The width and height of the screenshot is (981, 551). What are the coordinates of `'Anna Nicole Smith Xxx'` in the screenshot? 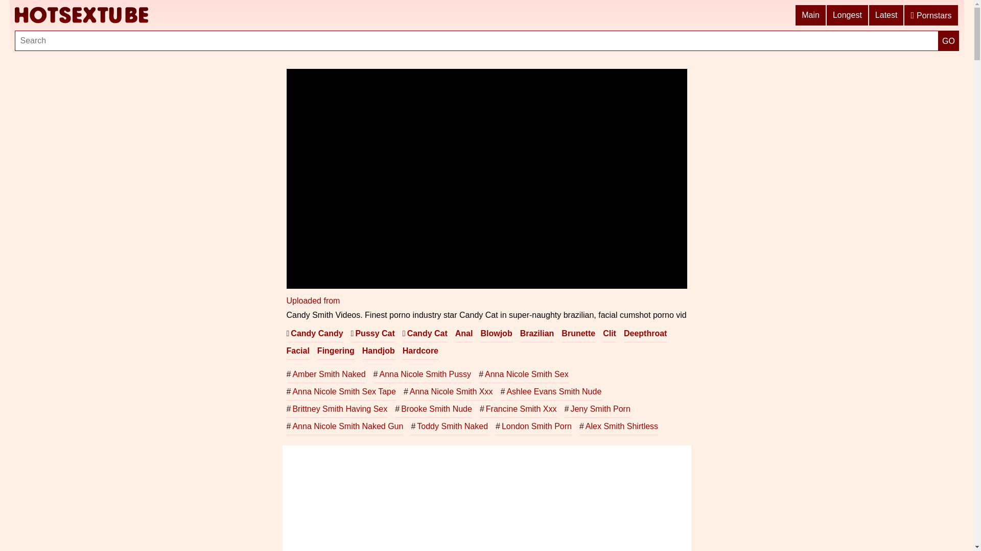 It's located at (448, 391).